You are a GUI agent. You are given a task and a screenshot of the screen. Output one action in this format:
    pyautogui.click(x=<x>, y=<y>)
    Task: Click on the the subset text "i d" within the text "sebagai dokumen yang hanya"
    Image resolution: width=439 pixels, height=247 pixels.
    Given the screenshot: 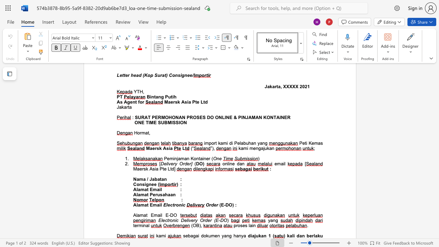 What is the action you would take?
    pyautogui.click(x=198, y=235)
    